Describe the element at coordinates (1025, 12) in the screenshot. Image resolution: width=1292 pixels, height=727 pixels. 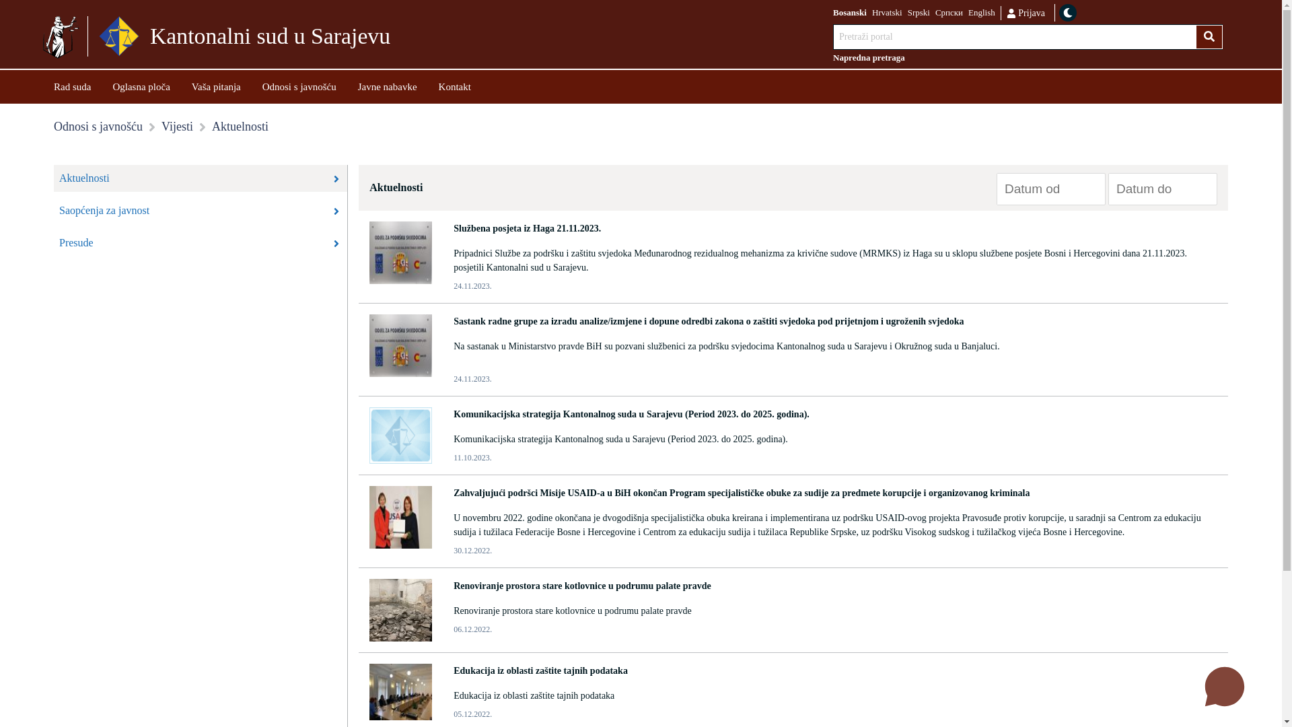
I see `'Prijava'` at that location.